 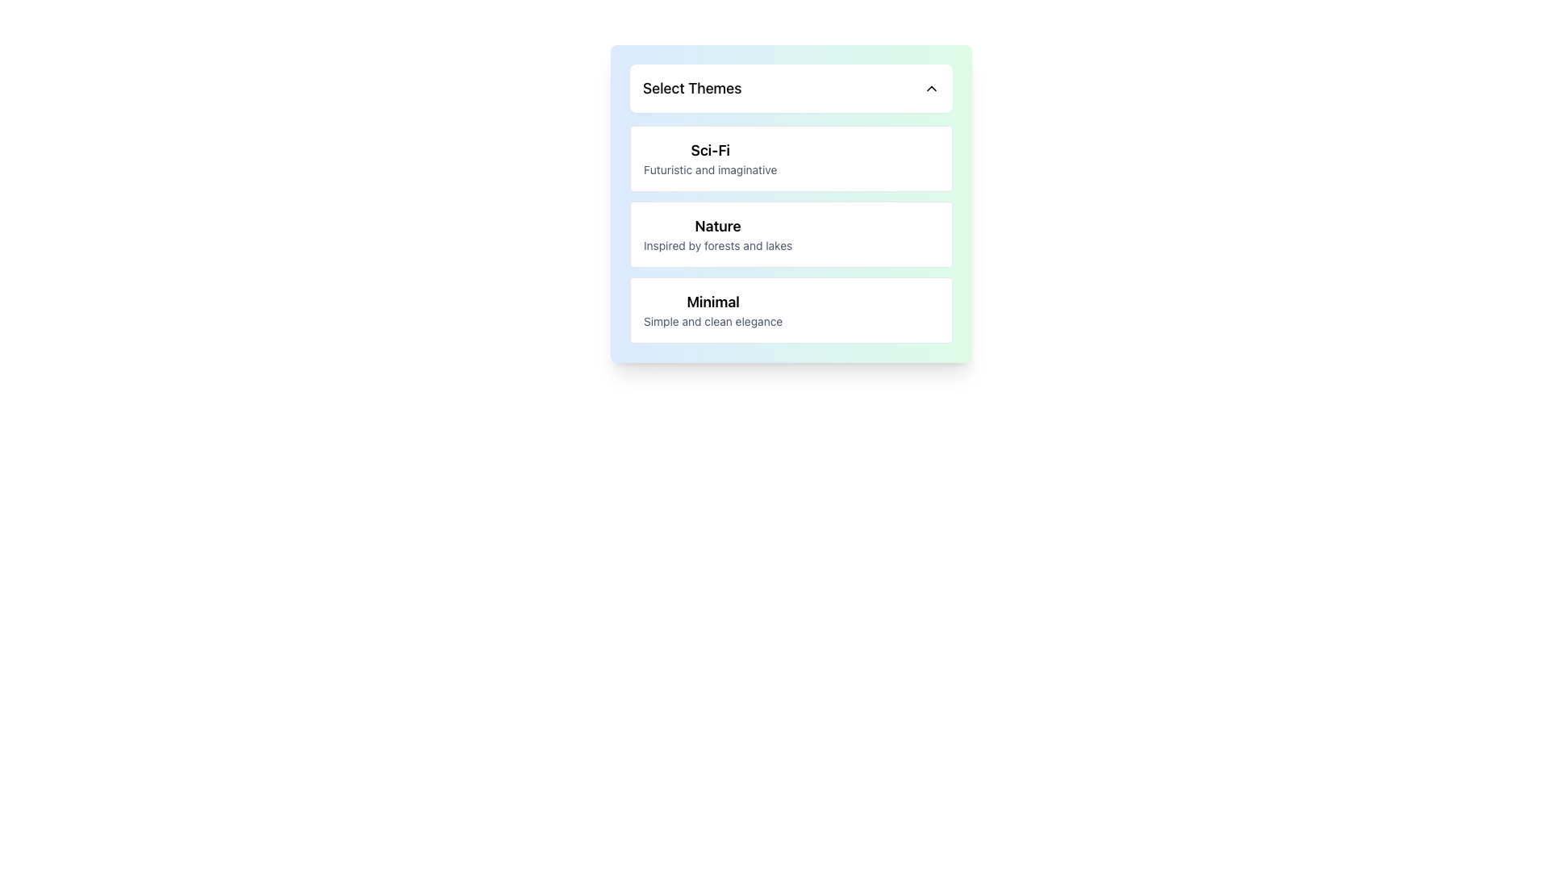 What do you see at coordinates (717, 234) in the screenshot?
I see `the textual display block titled 'Nature' which contains the subtitle 'Inspired by forests and lakes', located in the second card of the vertical stack of themes` at bounding box center [717, 234].